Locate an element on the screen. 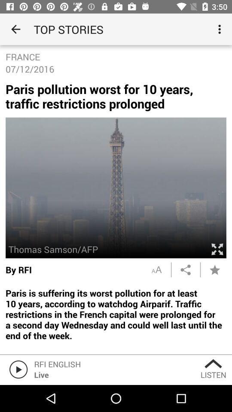 This screenshot has height=412, width=232. the play icon is located at coordinates (17, 369).